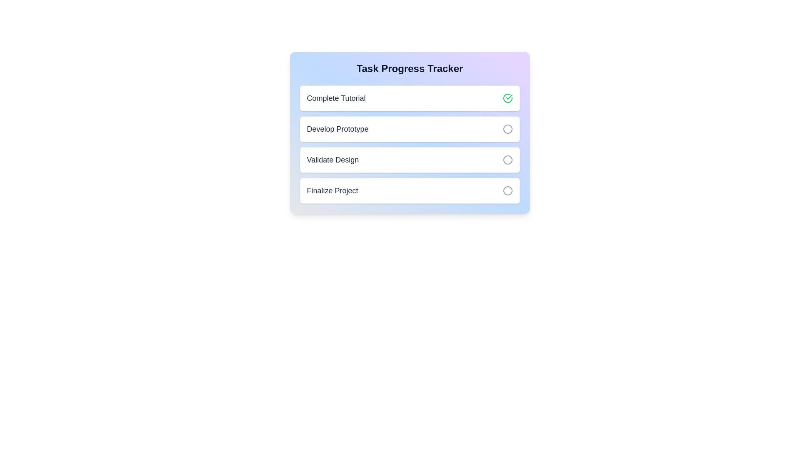 The height and width of the screenshot is (450, 800). What do you see at coordinates (332, 191) in the screenshot?
I see `the task title Finalize Project` at bounding box center [332, 191].